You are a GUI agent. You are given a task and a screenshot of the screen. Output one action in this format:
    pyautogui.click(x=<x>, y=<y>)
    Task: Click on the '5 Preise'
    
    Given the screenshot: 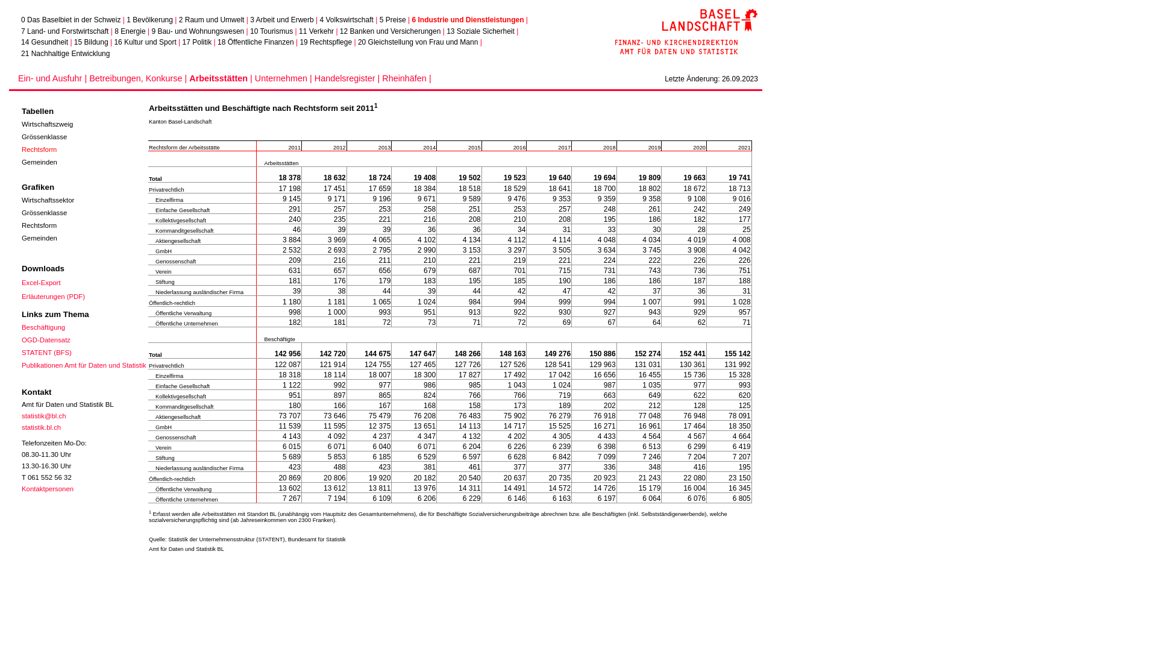 What is the action you would take?
    pyautogui.click(x=393, y=20)
    